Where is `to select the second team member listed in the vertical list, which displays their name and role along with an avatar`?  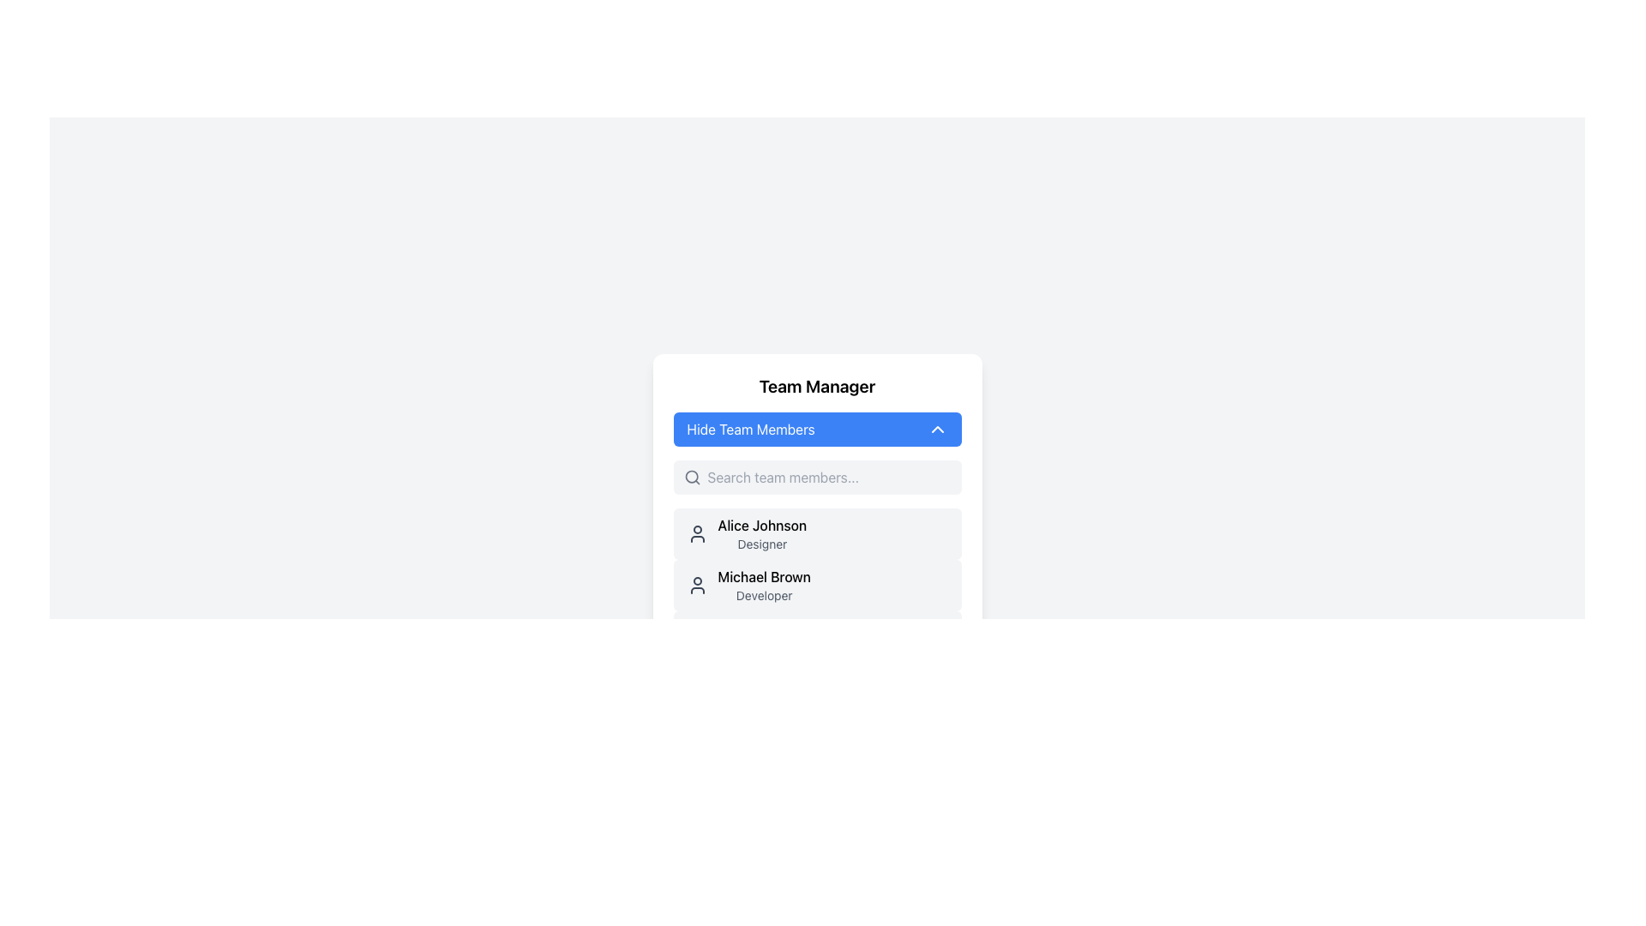
to select the second team member listed in the vertical list, which displays their name and role along with an avatar is located at coordinates (816, 584).